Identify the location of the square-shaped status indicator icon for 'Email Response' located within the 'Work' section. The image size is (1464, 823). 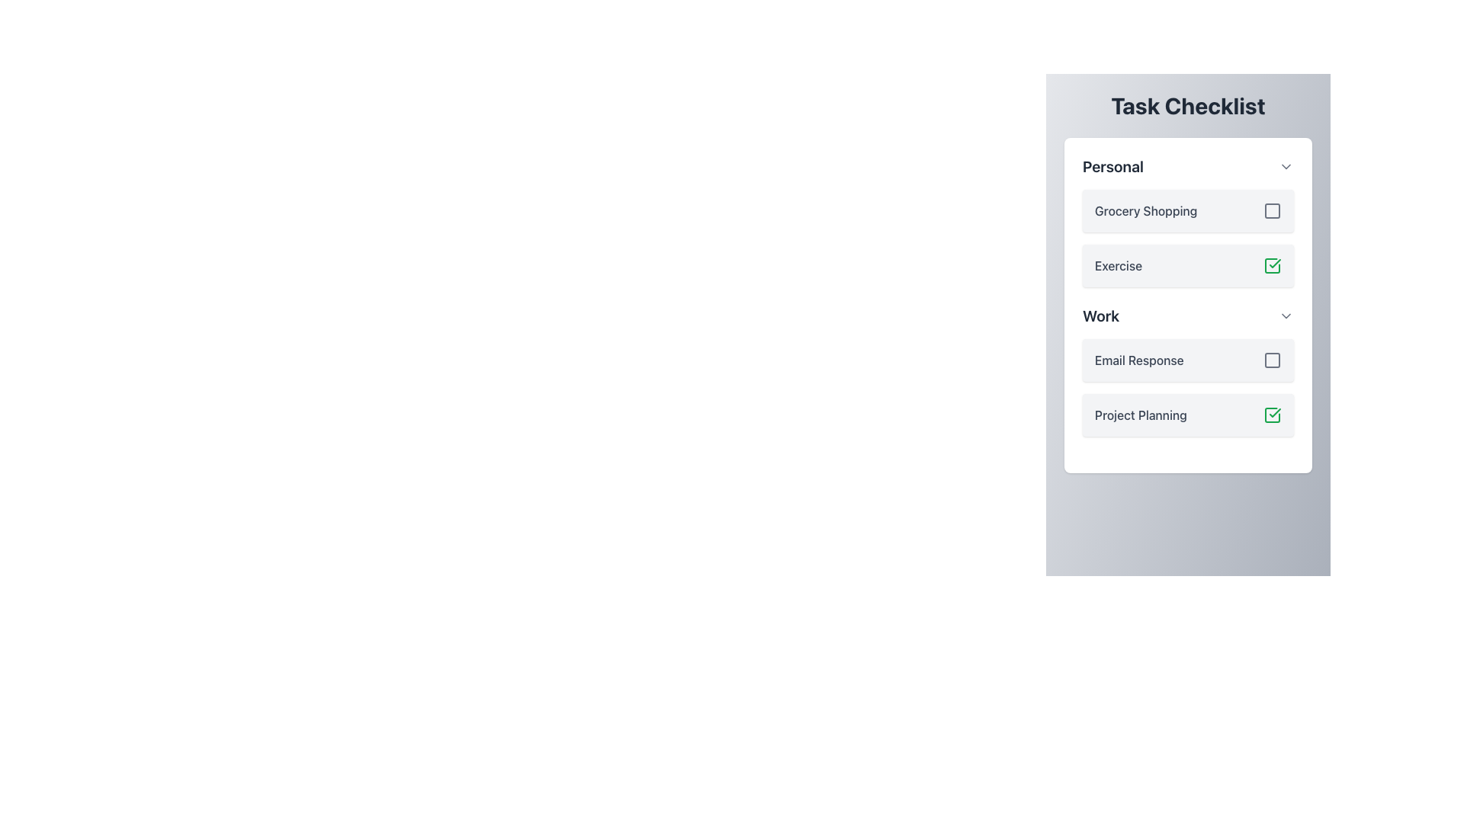
(1273, 360).